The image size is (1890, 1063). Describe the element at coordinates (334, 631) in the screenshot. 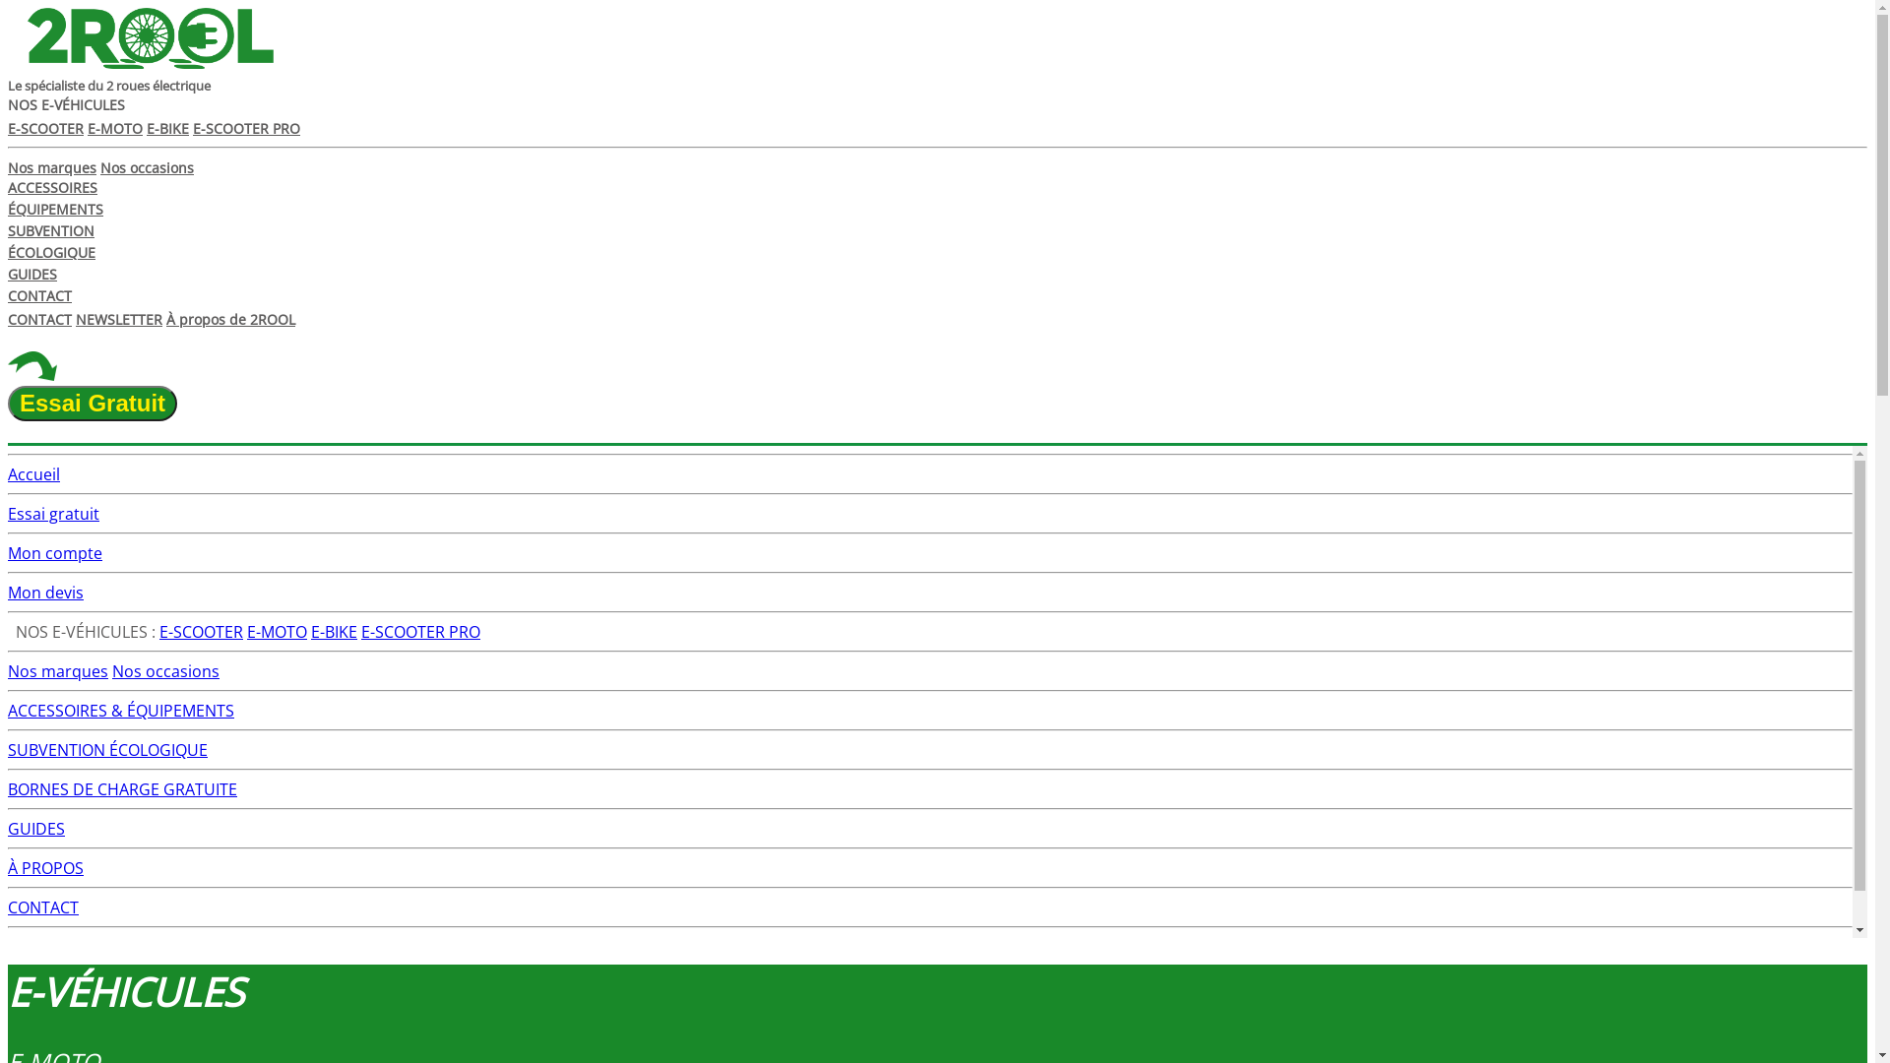

I see `'E-BIKE'` at that location.